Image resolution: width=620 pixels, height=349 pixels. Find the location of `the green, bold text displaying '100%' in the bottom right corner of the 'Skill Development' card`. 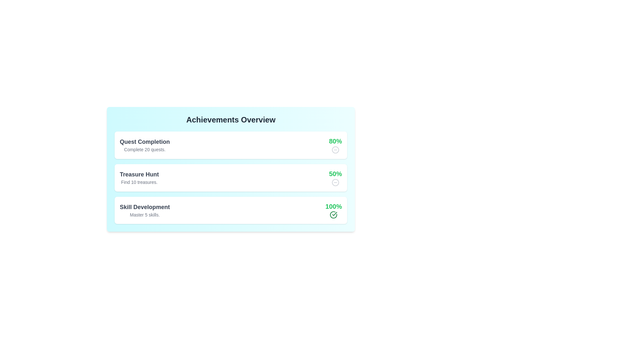

the green, bold text displaying '100%' in the bottom right corner of the 'Skill Development' card is located at coordinates (334, 206).